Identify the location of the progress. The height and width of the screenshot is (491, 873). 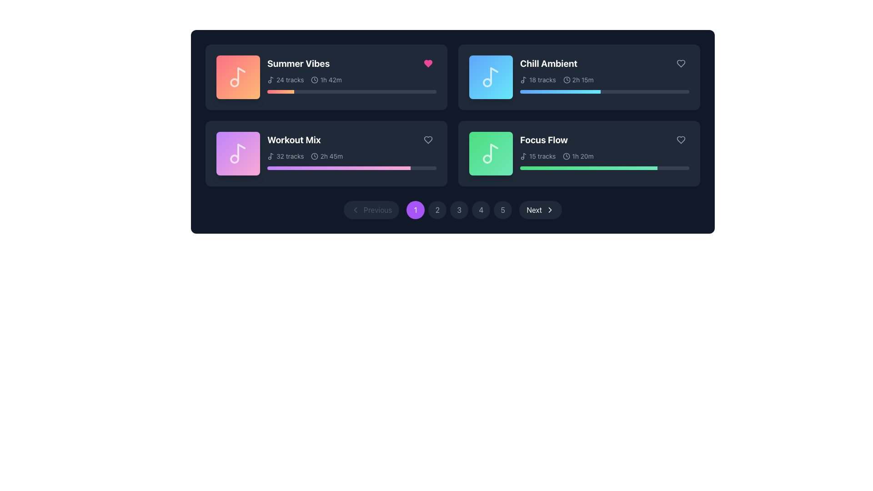
(429, 91).